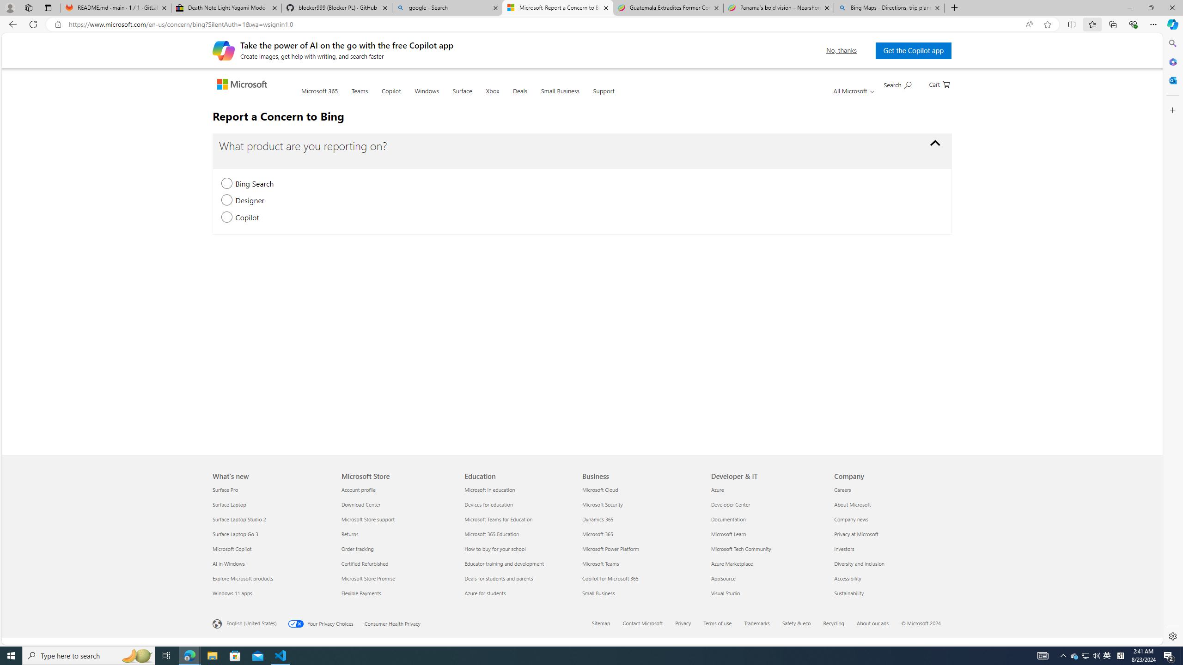 The width and height of the screenshot is (1183, 665). What do you see at coordinates (349, 533) in the screenshot?
I see `'Returns Microsoft Store'` at bounding box center [349, 533].